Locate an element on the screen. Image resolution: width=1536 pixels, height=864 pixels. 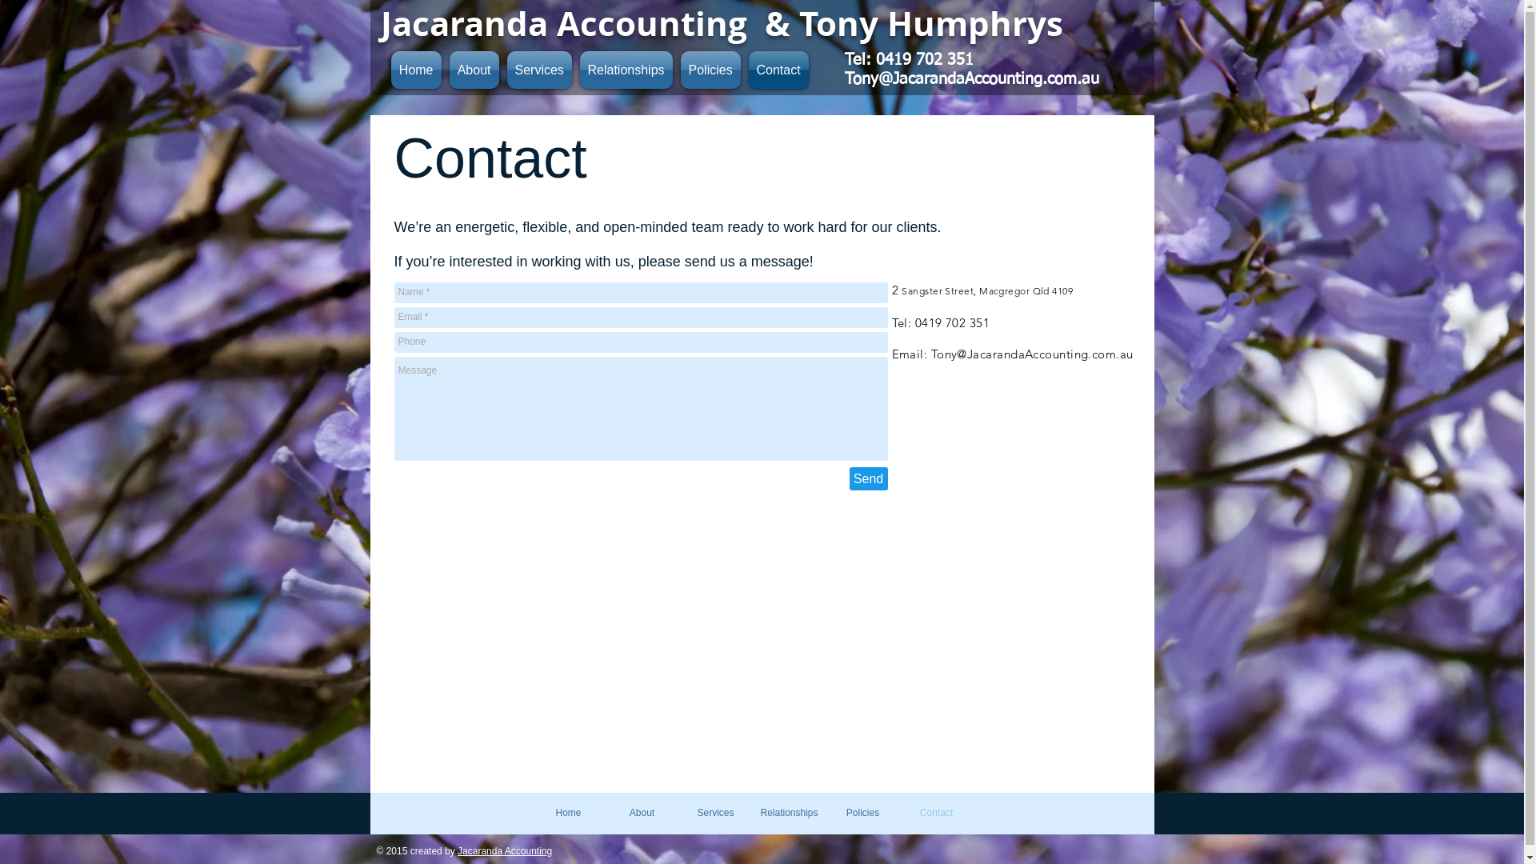
'Policies' is located at coordinates (676, 69).